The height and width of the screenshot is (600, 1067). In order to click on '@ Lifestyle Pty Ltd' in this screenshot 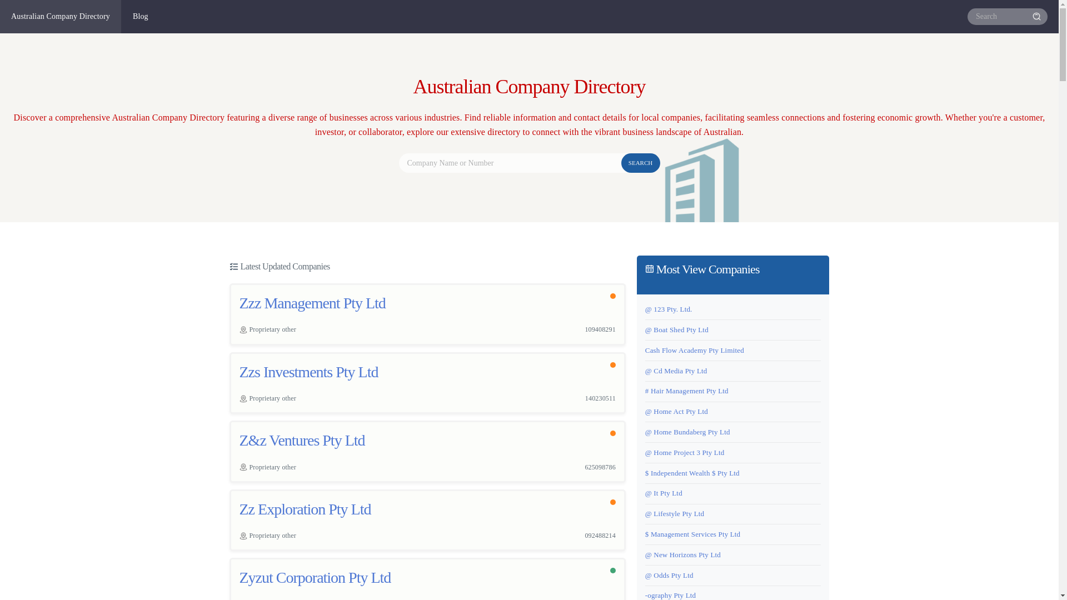, I will do `click(674, 513)`.